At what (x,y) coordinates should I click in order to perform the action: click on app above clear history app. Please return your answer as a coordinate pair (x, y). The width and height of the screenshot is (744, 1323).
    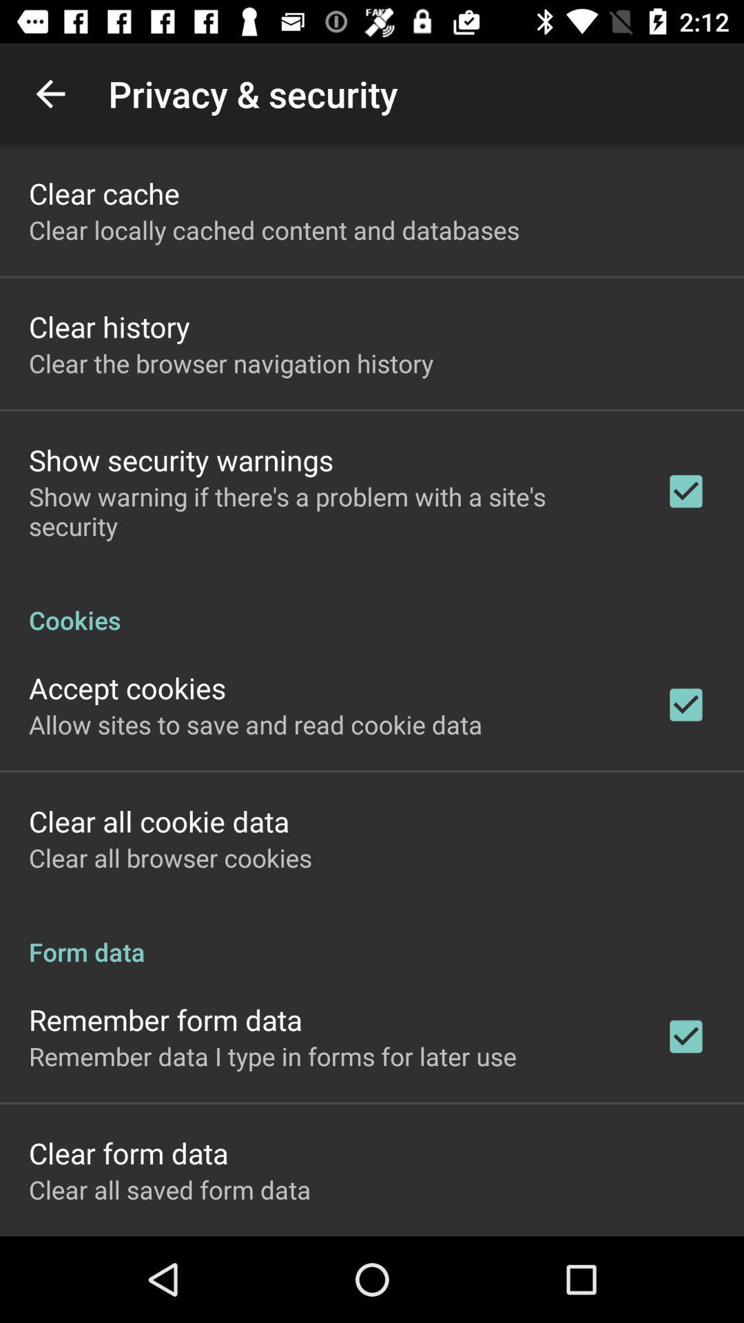
    Looking at the image, I should click on (274, 229).